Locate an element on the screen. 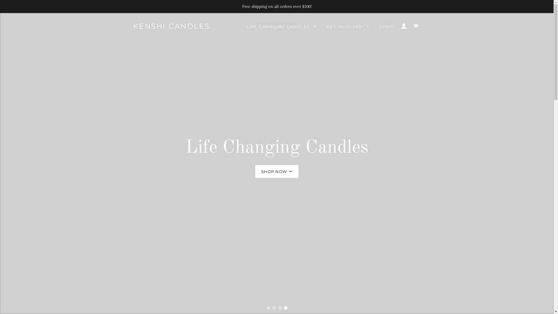 The height and width of the screenshot is (314, 558). '4' is located at coordinates (285, 307).